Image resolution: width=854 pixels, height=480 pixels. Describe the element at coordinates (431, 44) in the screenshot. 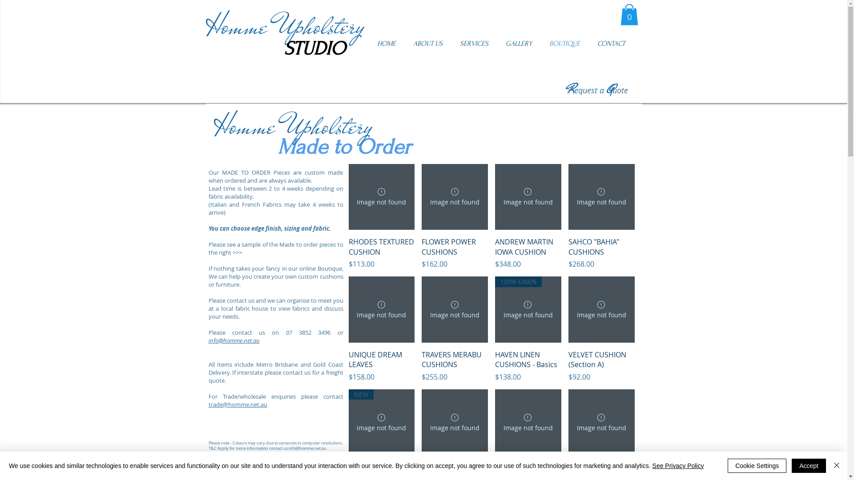

I see `'ABOUT US'` at that location.